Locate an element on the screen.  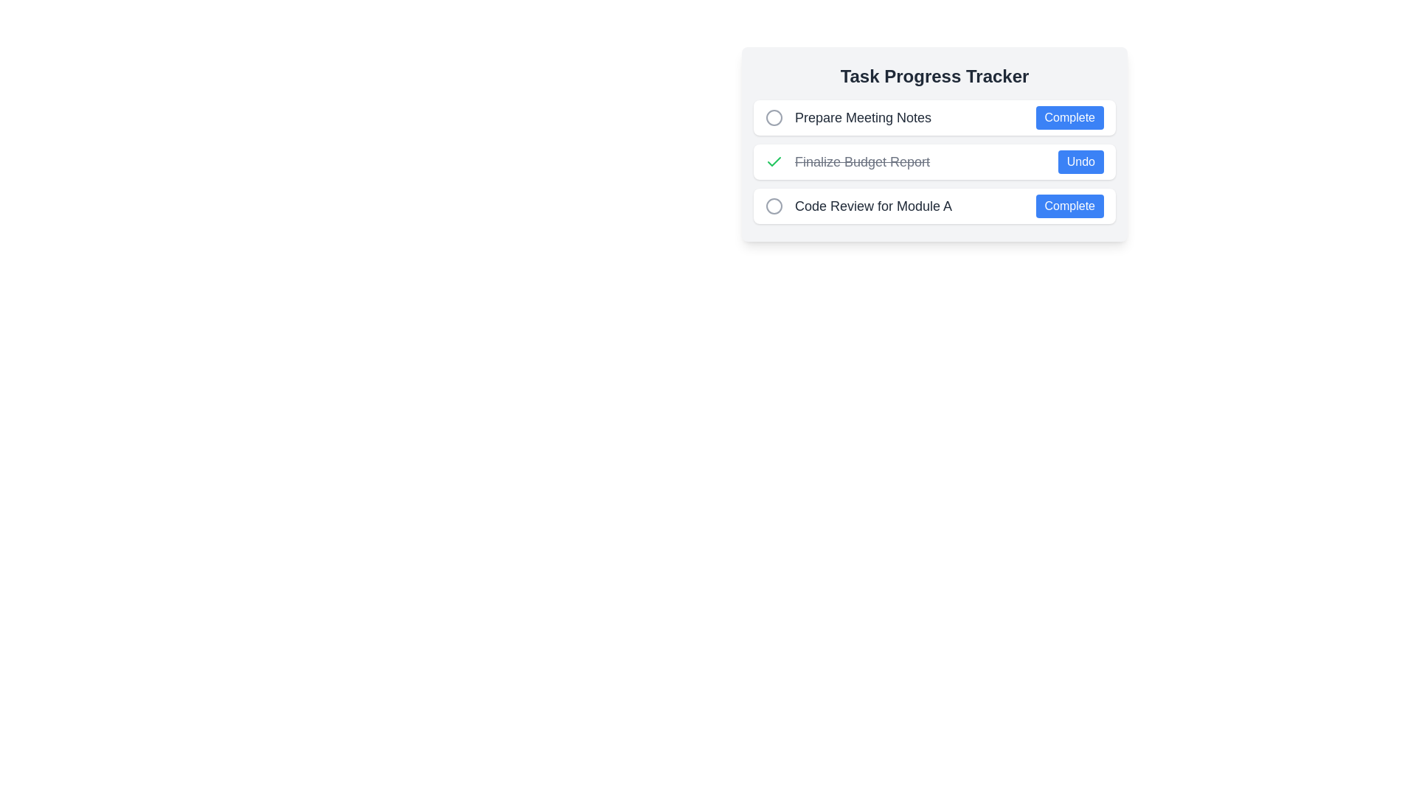
task title 'Prepare Meeting Notes' from the text label styled in bold font, located at the top of the task list with a status indicator adjacent to it is located at coordinates (848, 116).